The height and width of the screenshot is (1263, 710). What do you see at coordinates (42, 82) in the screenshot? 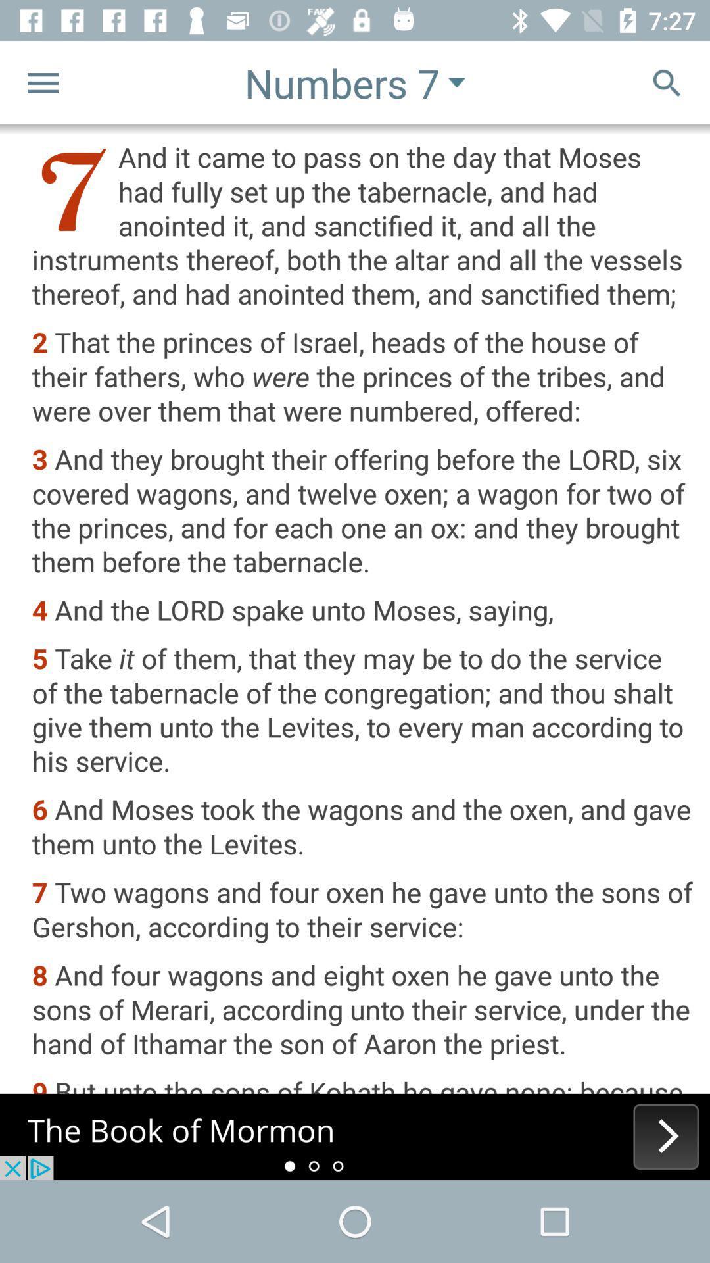
I see `the menu icon` at bounding box center [42, 82].